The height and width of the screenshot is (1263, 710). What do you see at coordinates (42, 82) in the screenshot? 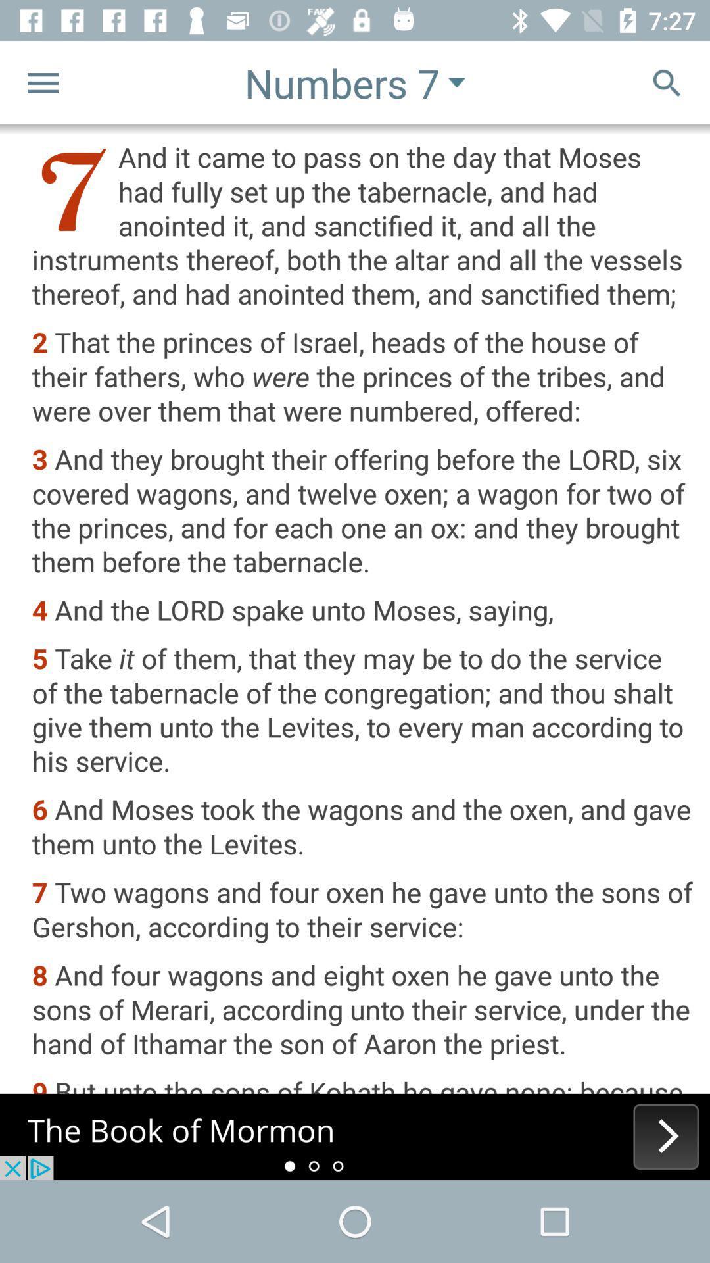
I see `the menu icon` at bounding box center [42, 82].